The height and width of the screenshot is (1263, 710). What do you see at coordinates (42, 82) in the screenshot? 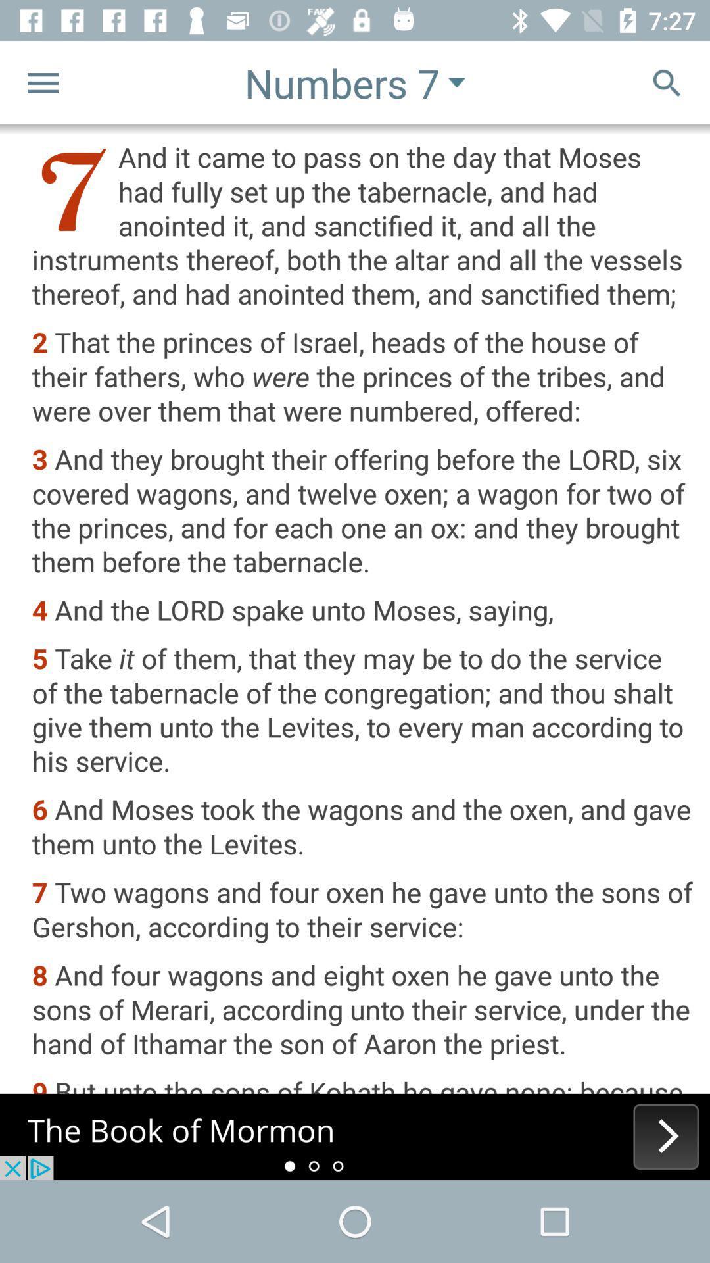
I see `the menu icon` at bounding box center [42, 82].